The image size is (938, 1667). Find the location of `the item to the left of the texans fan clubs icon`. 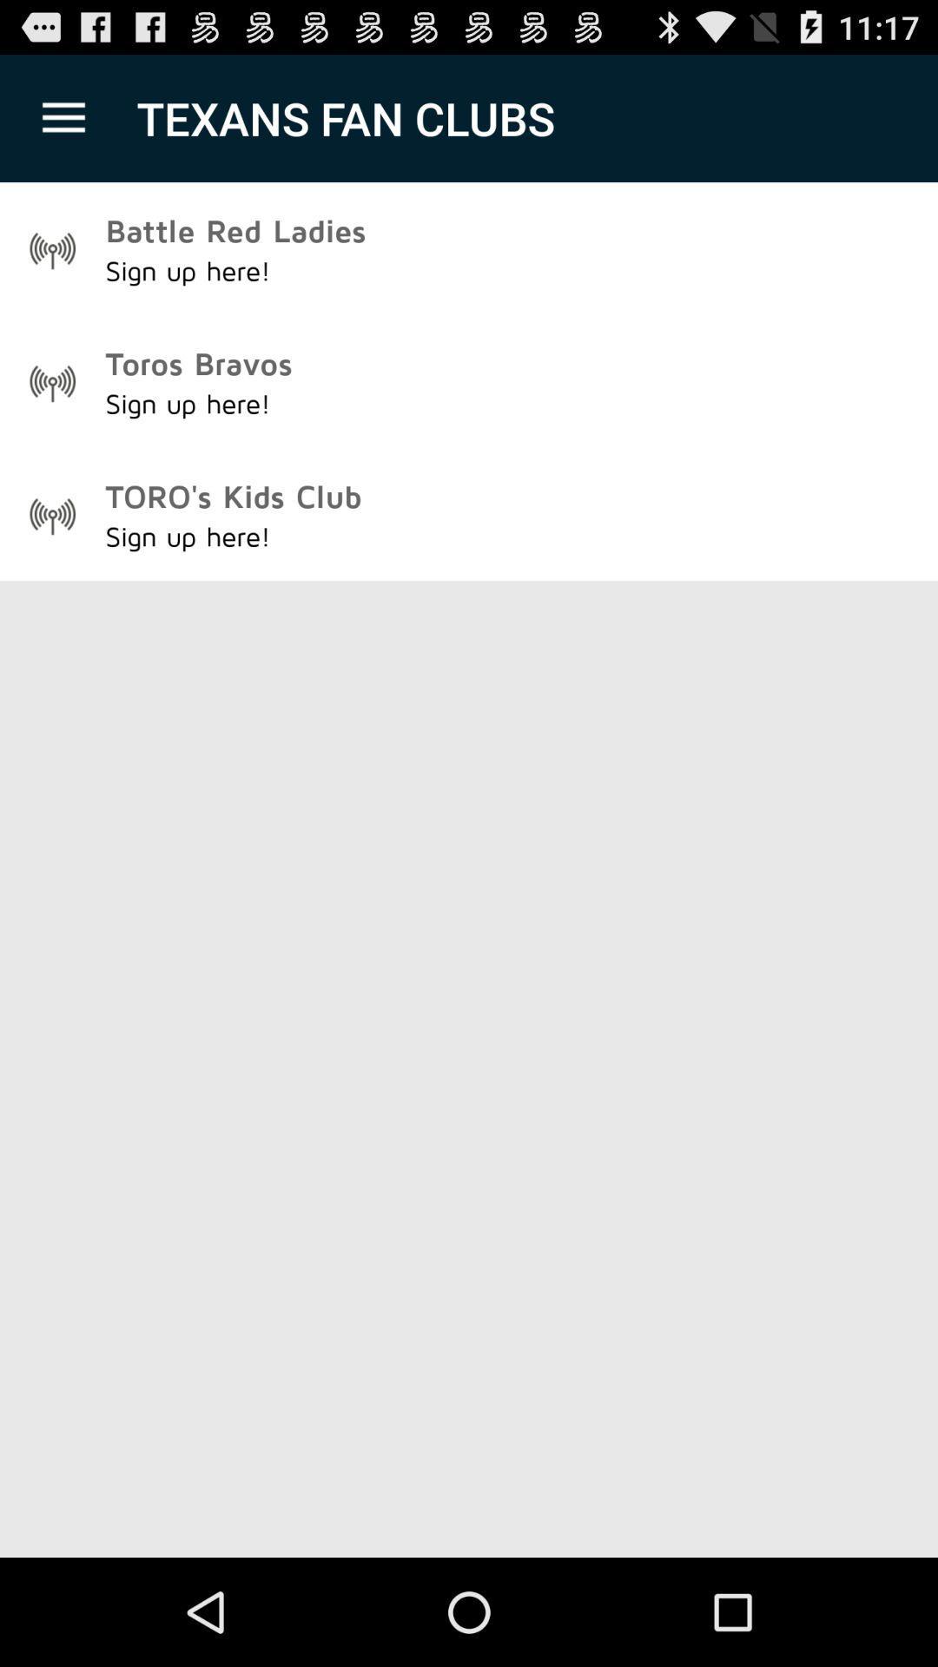

the item to the left of the texans fan clubs icon is located at coordinates (63, 117).